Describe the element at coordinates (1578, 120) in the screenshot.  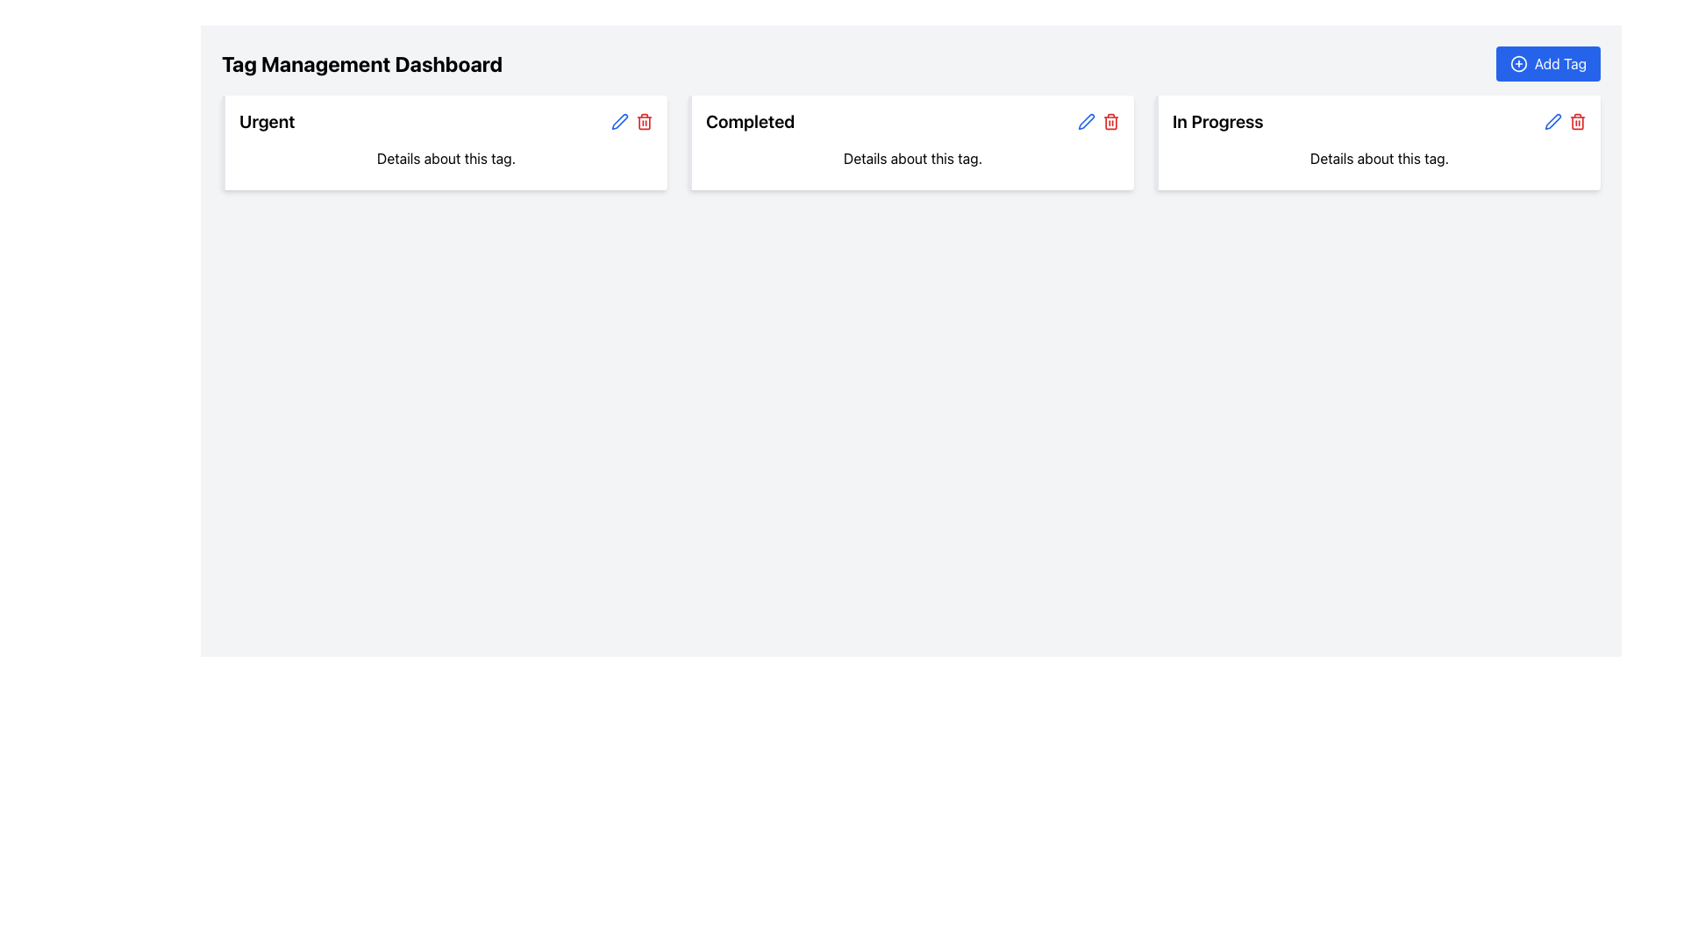
I see `the delete button icon located to the right of the blue pencil icon in the 'In Progress' card` at that location.